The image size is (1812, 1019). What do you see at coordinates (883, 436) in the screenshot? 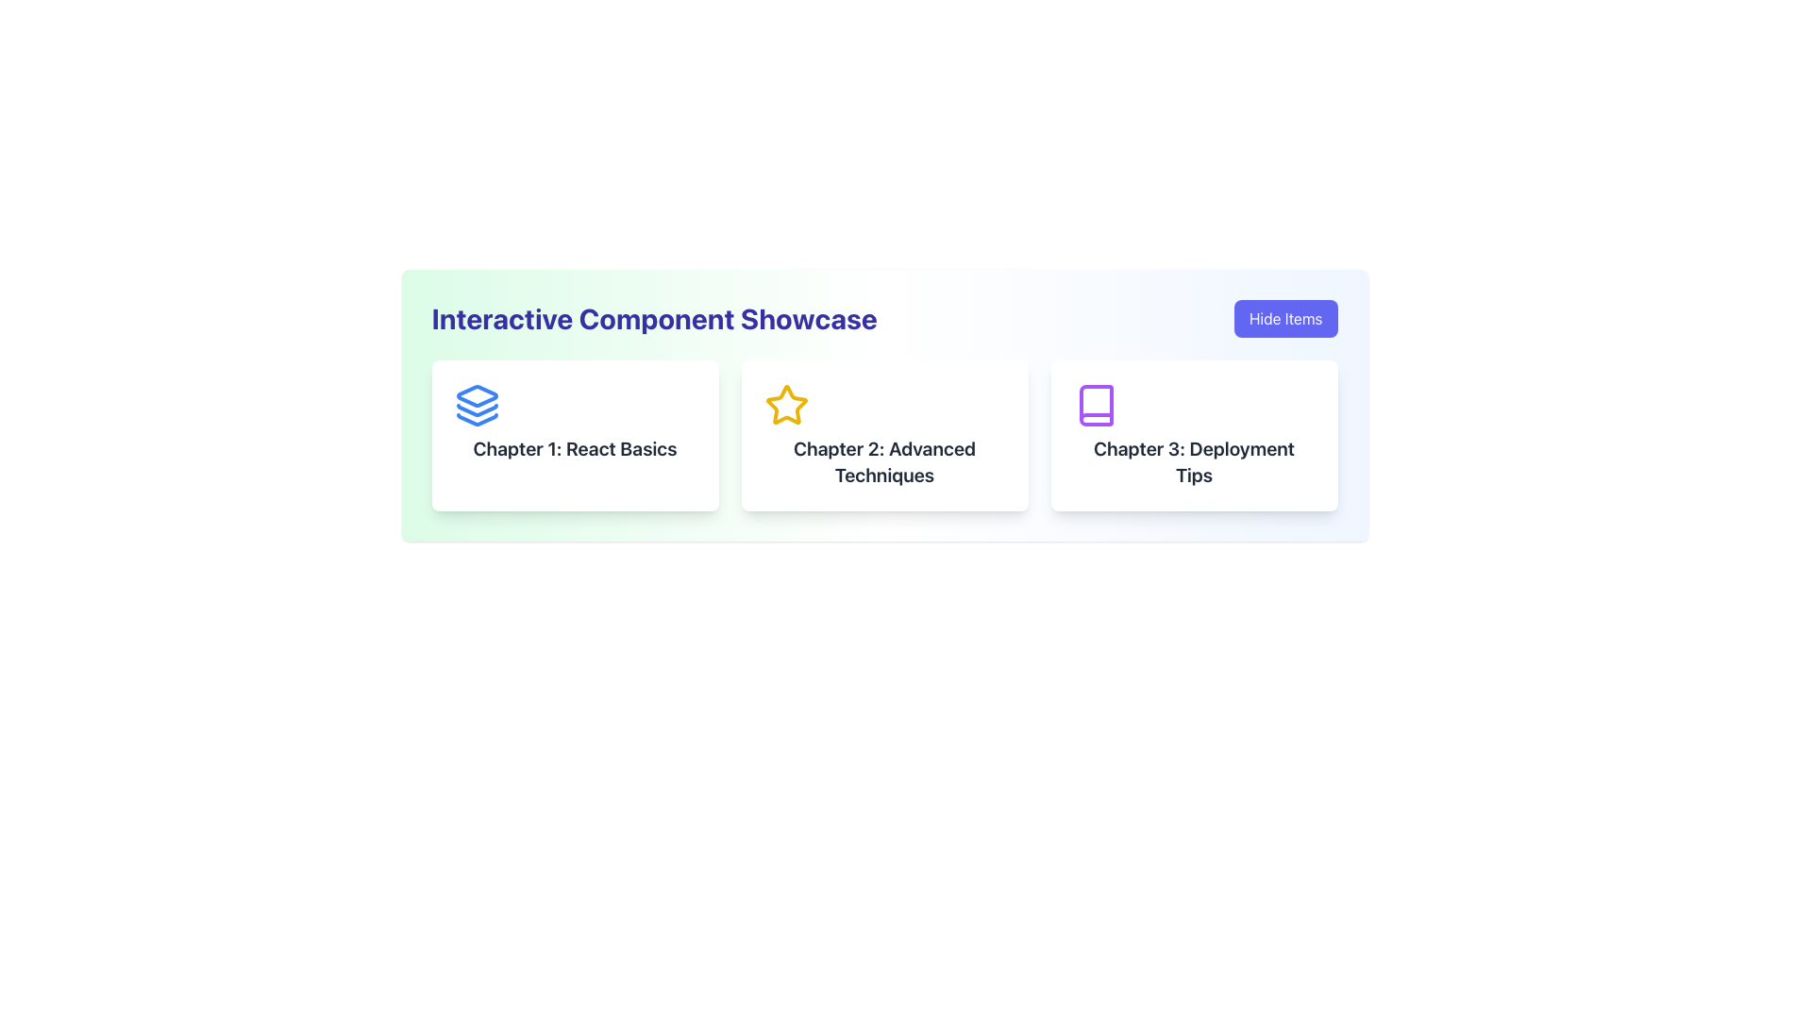
I see `text information from the Informative Card displaying 'Chapter 2: Advanced Techniques' which is visually identified by a yellow star icon above the title, centrally positioned within a white card` at bounding box center [883, 436].